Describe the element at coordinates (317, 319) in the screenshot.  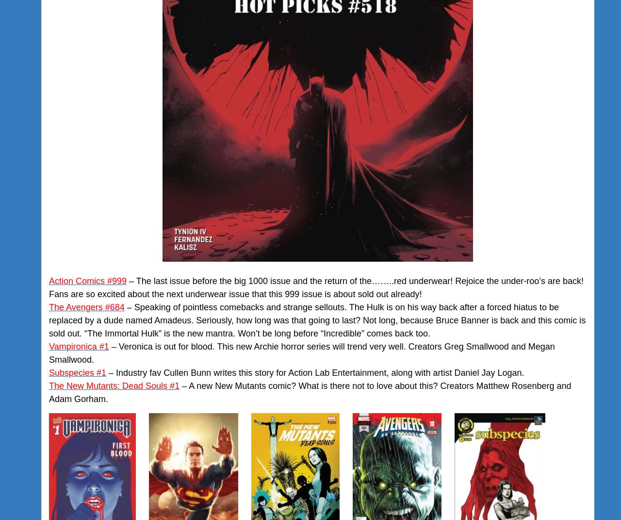
I see `'– Speaking of pointless comebacks and strange sellouts. The Hulk is on his way back after a forced hiatus to be replaced by a dude named Amadeus. Seriously, how long was that going to last? Not long, because Bruce Banner is back and this comic is sold out. “The Immortal Hulk” is the new mantra. Won’t be long before “Incredible” comes back too.'` at that location.